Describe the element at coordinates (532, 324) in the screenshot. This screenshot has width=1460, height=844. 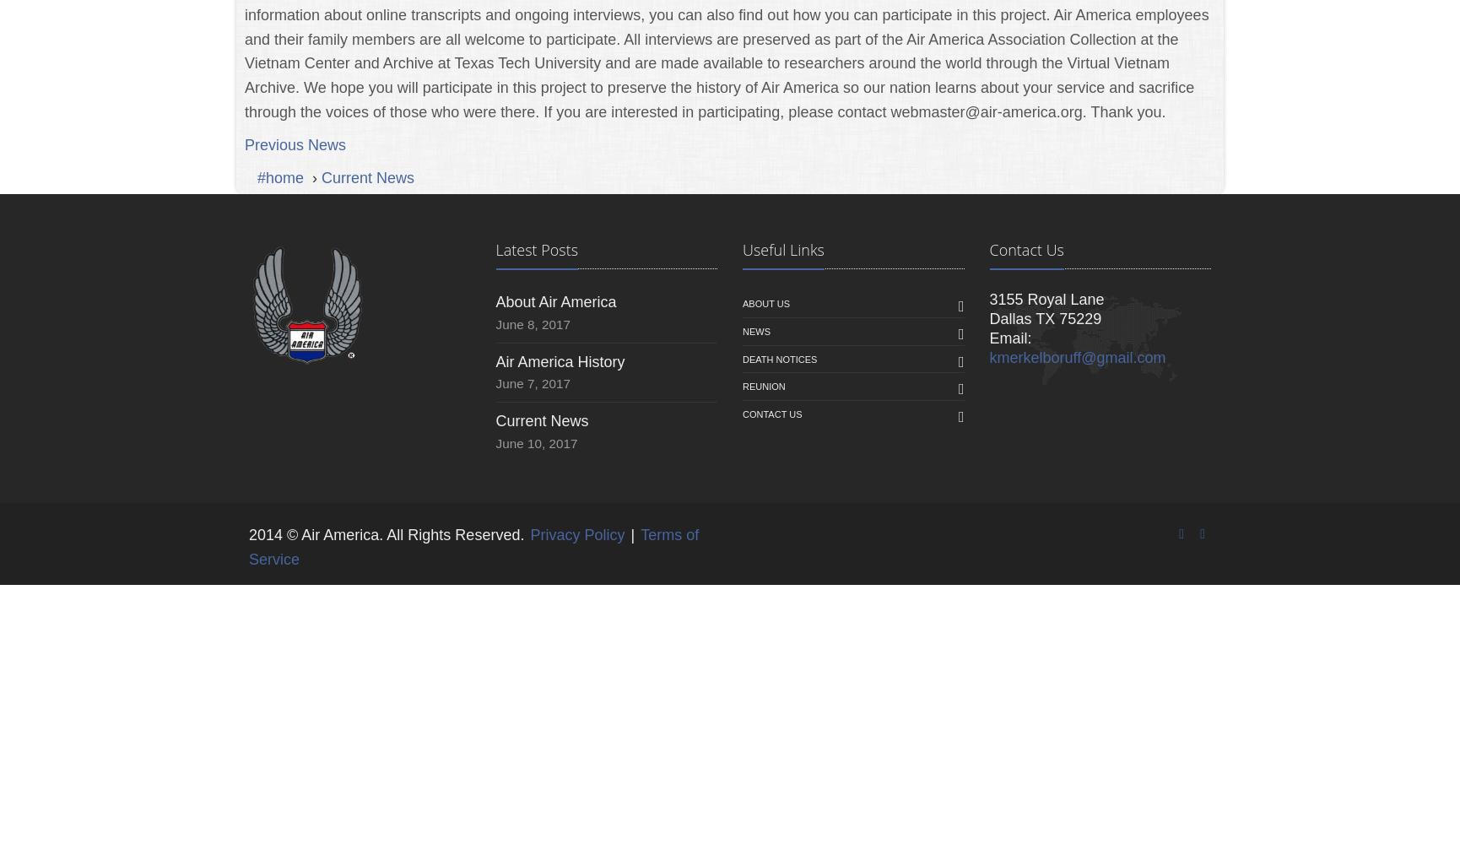
I see `'June 8, 2017'` at that location.